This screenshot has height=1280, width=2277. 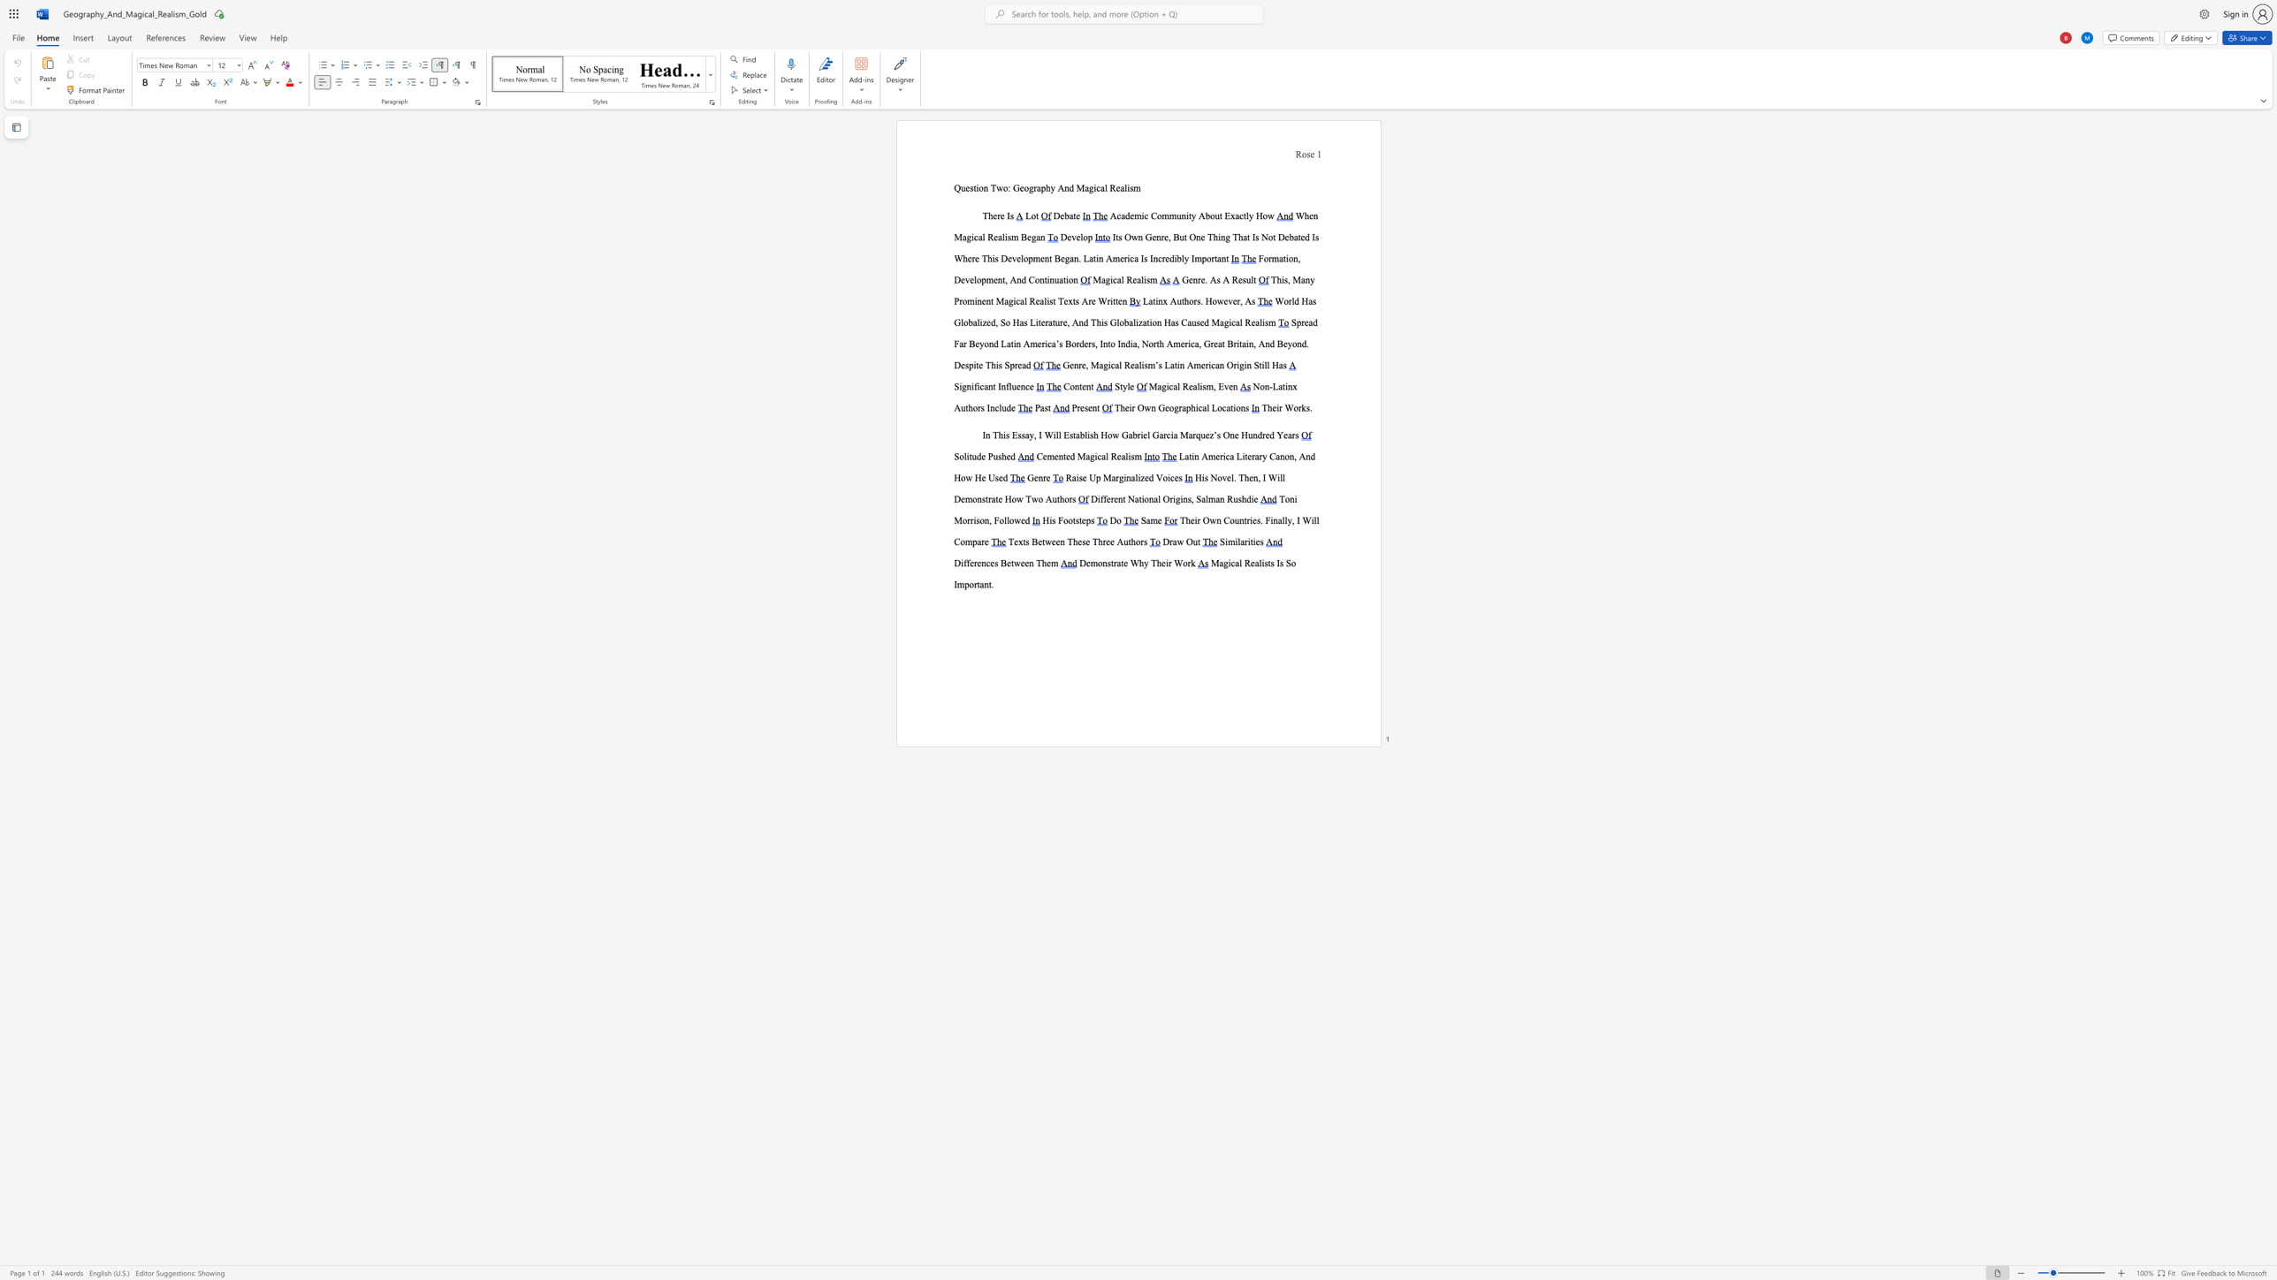 I want to click on the subset text "Caused Magical Realis" within the text "World Has Globalized, So Has Literature, And This Globalization Has Caused Magical Realism", so click(x=1181, y=322).